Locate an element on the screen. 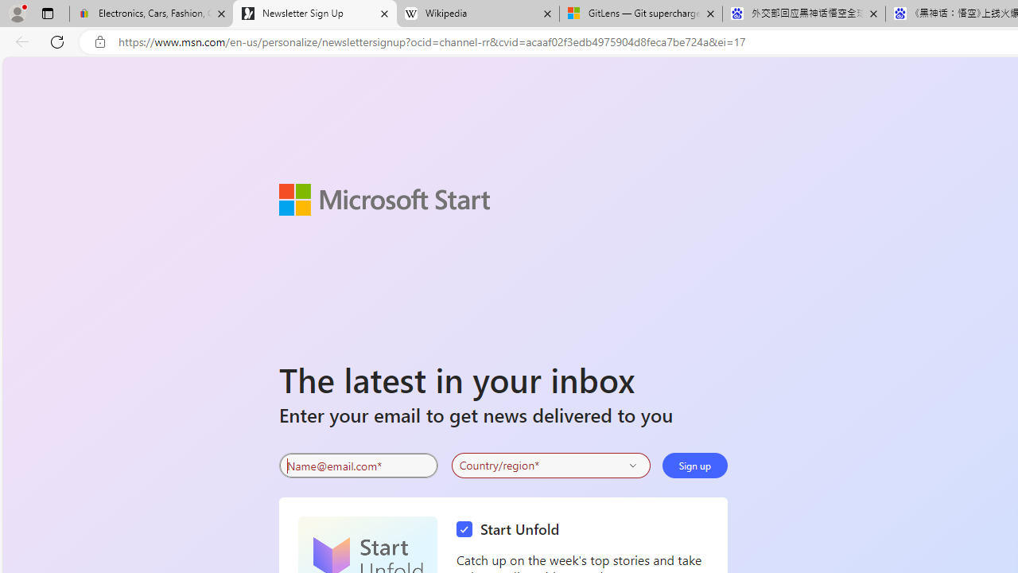  'Electronics, Cars, Fashion, Collectibles & More | eBay' is located at coordinates (151, 14).